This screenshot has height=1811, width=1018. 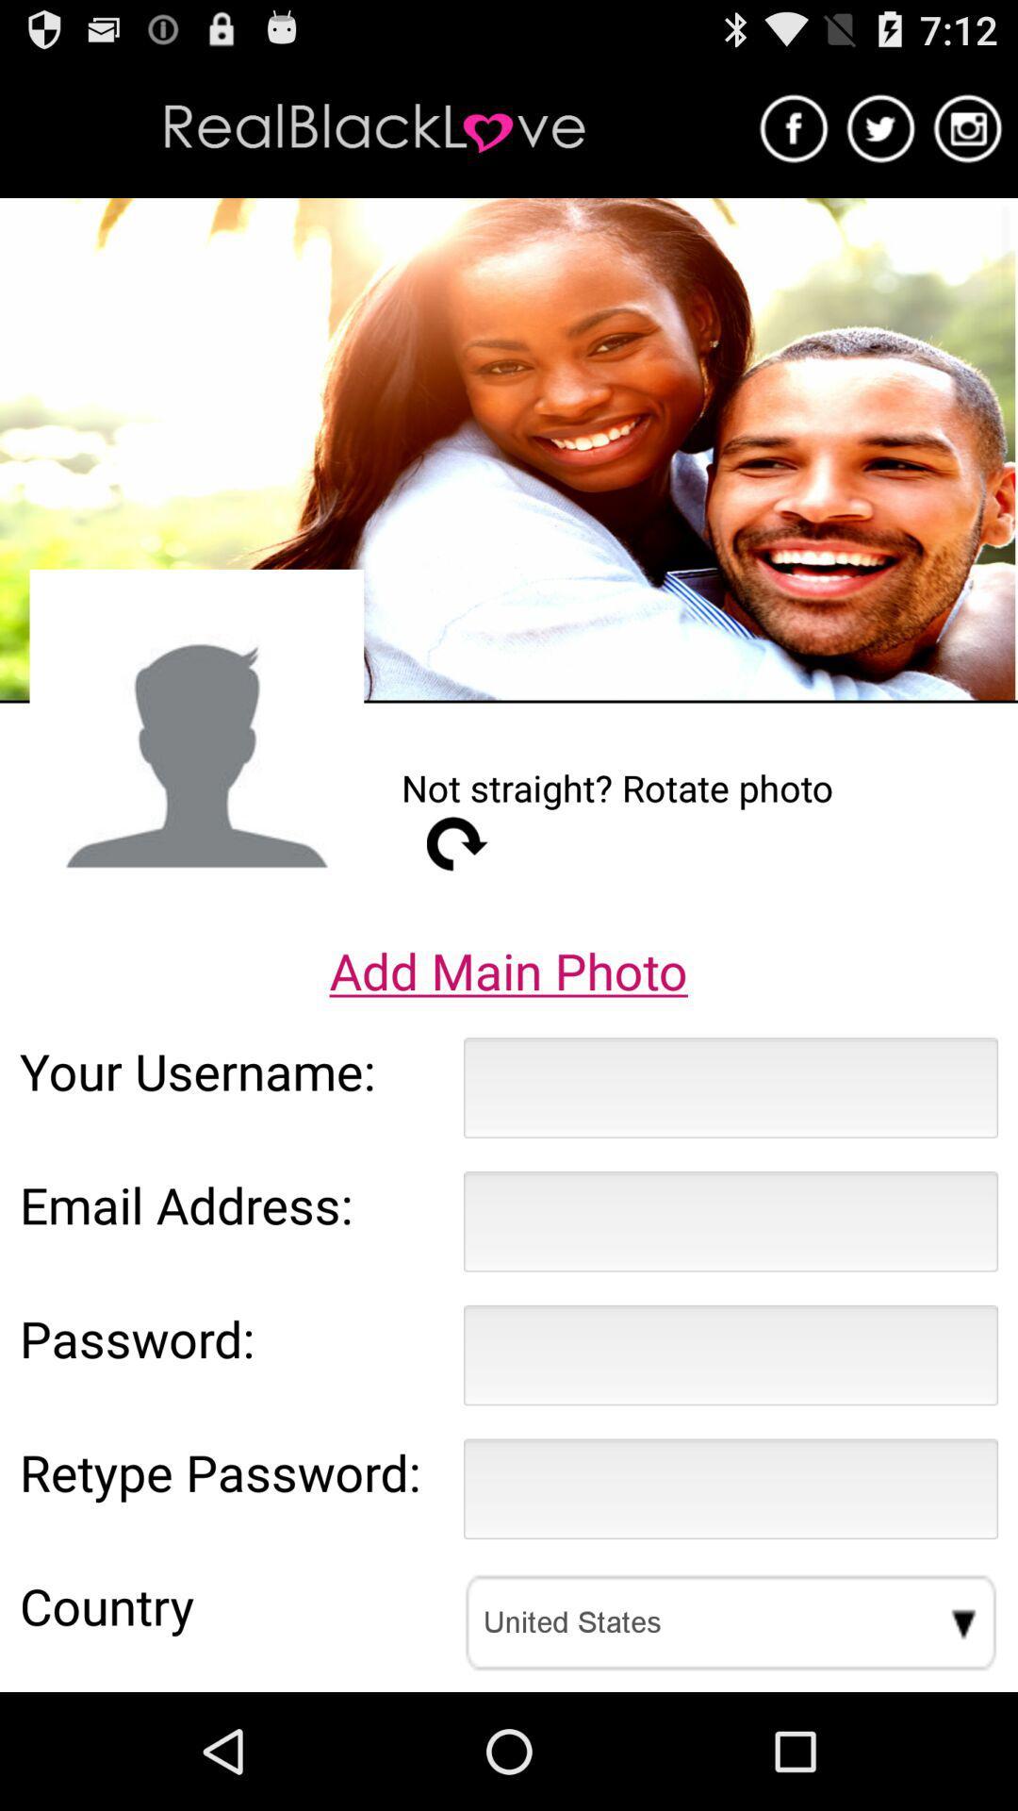 I want to click on the icon to the left of not straight rotate app, so click(x=196, y=736).